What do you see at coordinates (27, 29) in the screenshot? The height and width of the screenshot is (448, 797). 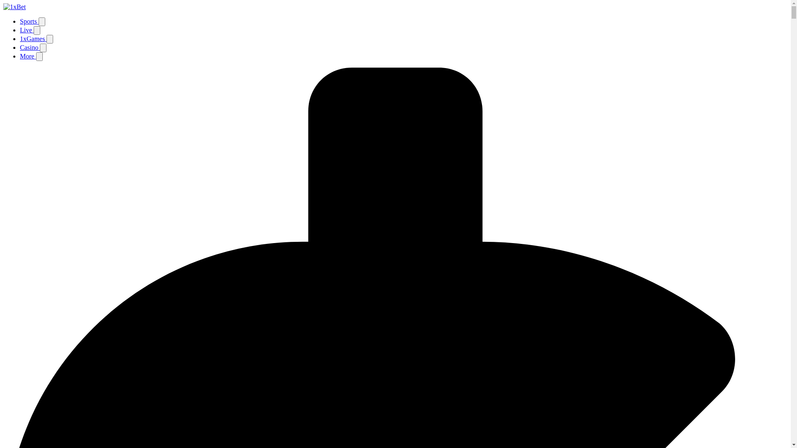 I see `'Live'` at bounding box center [27, 29].